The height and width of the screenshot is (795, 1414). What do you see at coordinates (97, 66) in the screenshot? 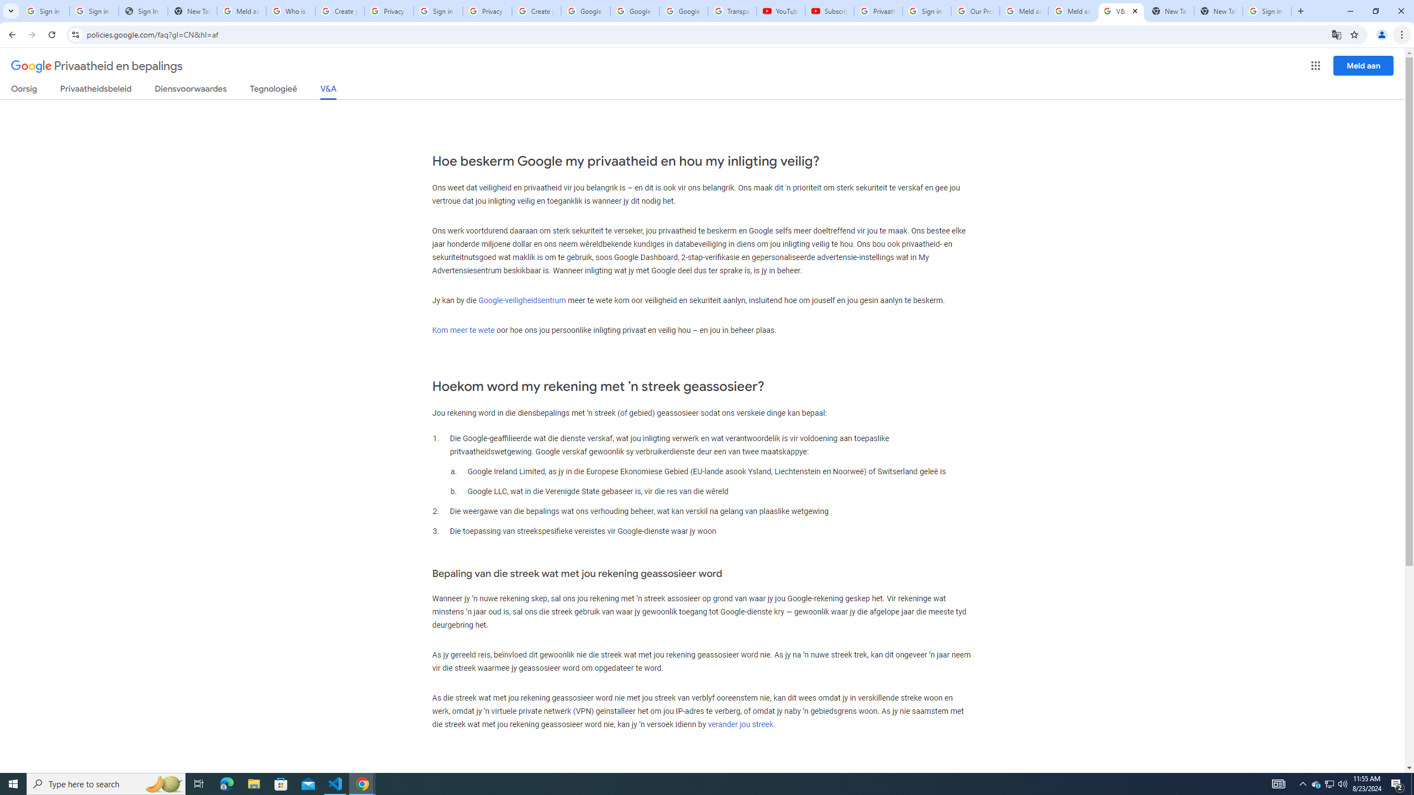
I see `'Privaatheid en bepalings'` at bounding box center [97, 66].